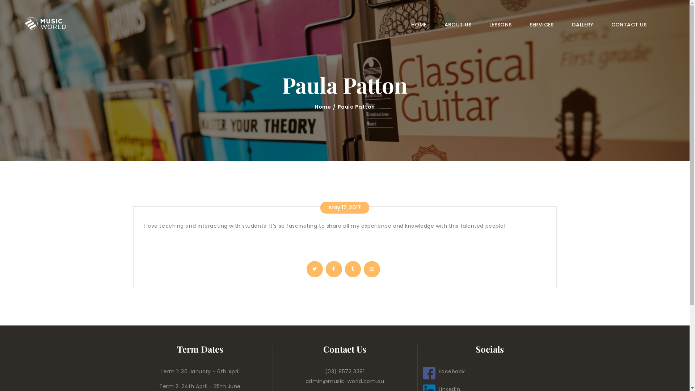 The height and width of the screenshot is (391, 695). Describe the element at coordinates (322, 107) in the screenshot. I see `'Home'` at that location.